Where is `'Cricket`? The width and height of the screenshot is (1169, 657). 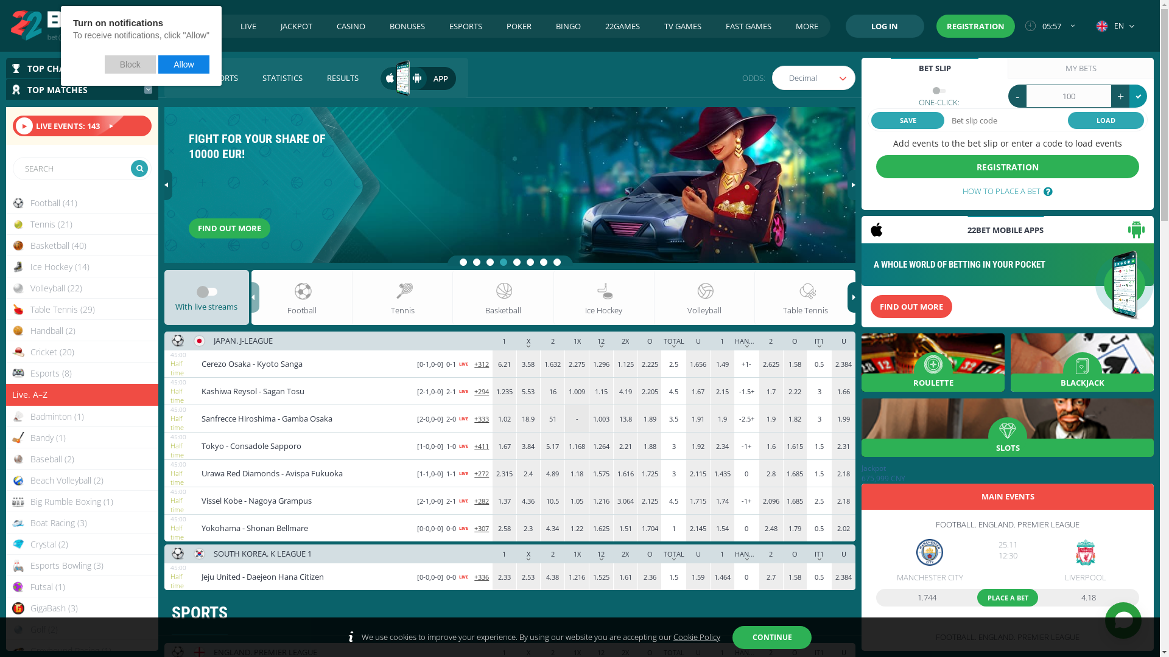 'Cricket is located at coordinates (81, 352).